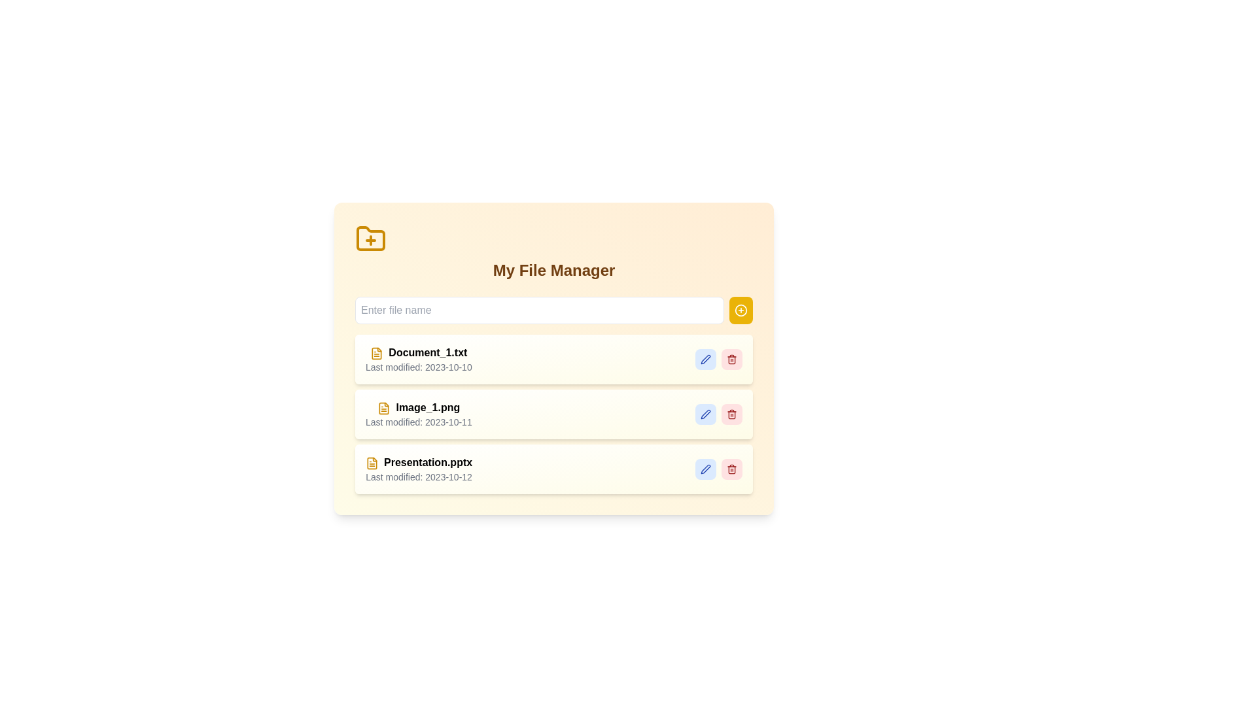  I want to click on the pen icon, so click(705, 360).